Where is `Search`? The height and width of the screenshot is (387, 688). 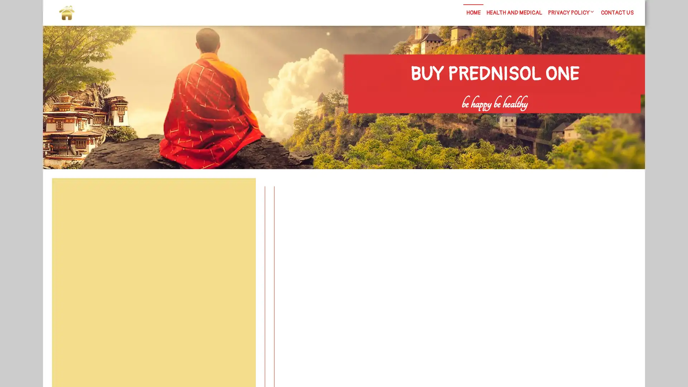 Search is located at coordinates (239, 195).